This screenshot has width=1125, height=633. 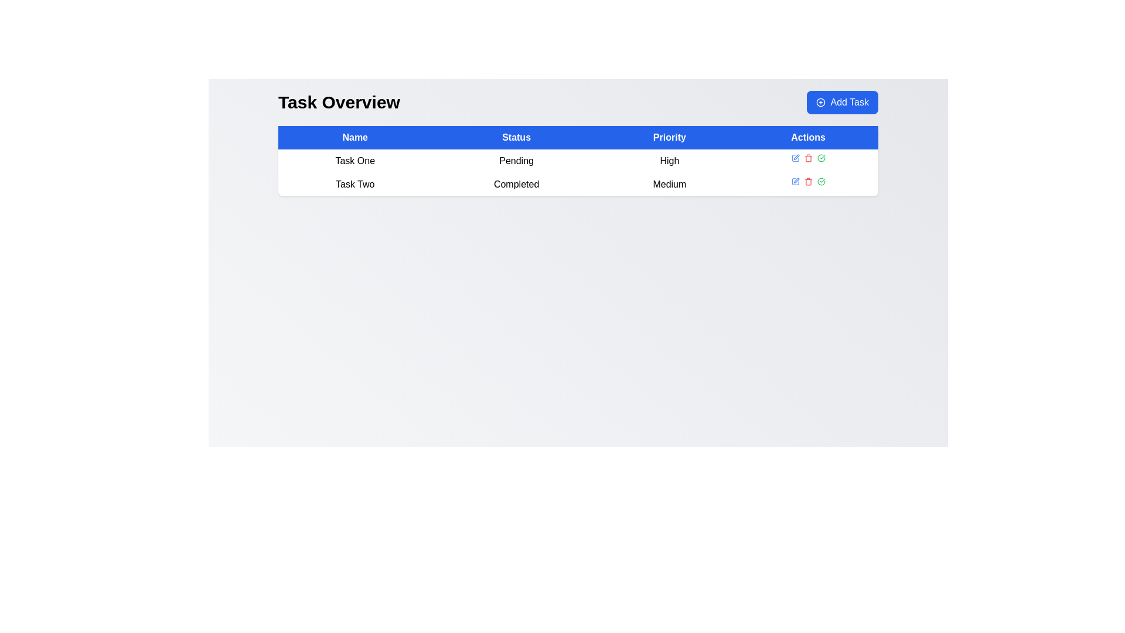 I want to click on the trash icon located in the actions column of the second row of the table, so click(x=807, y=159).